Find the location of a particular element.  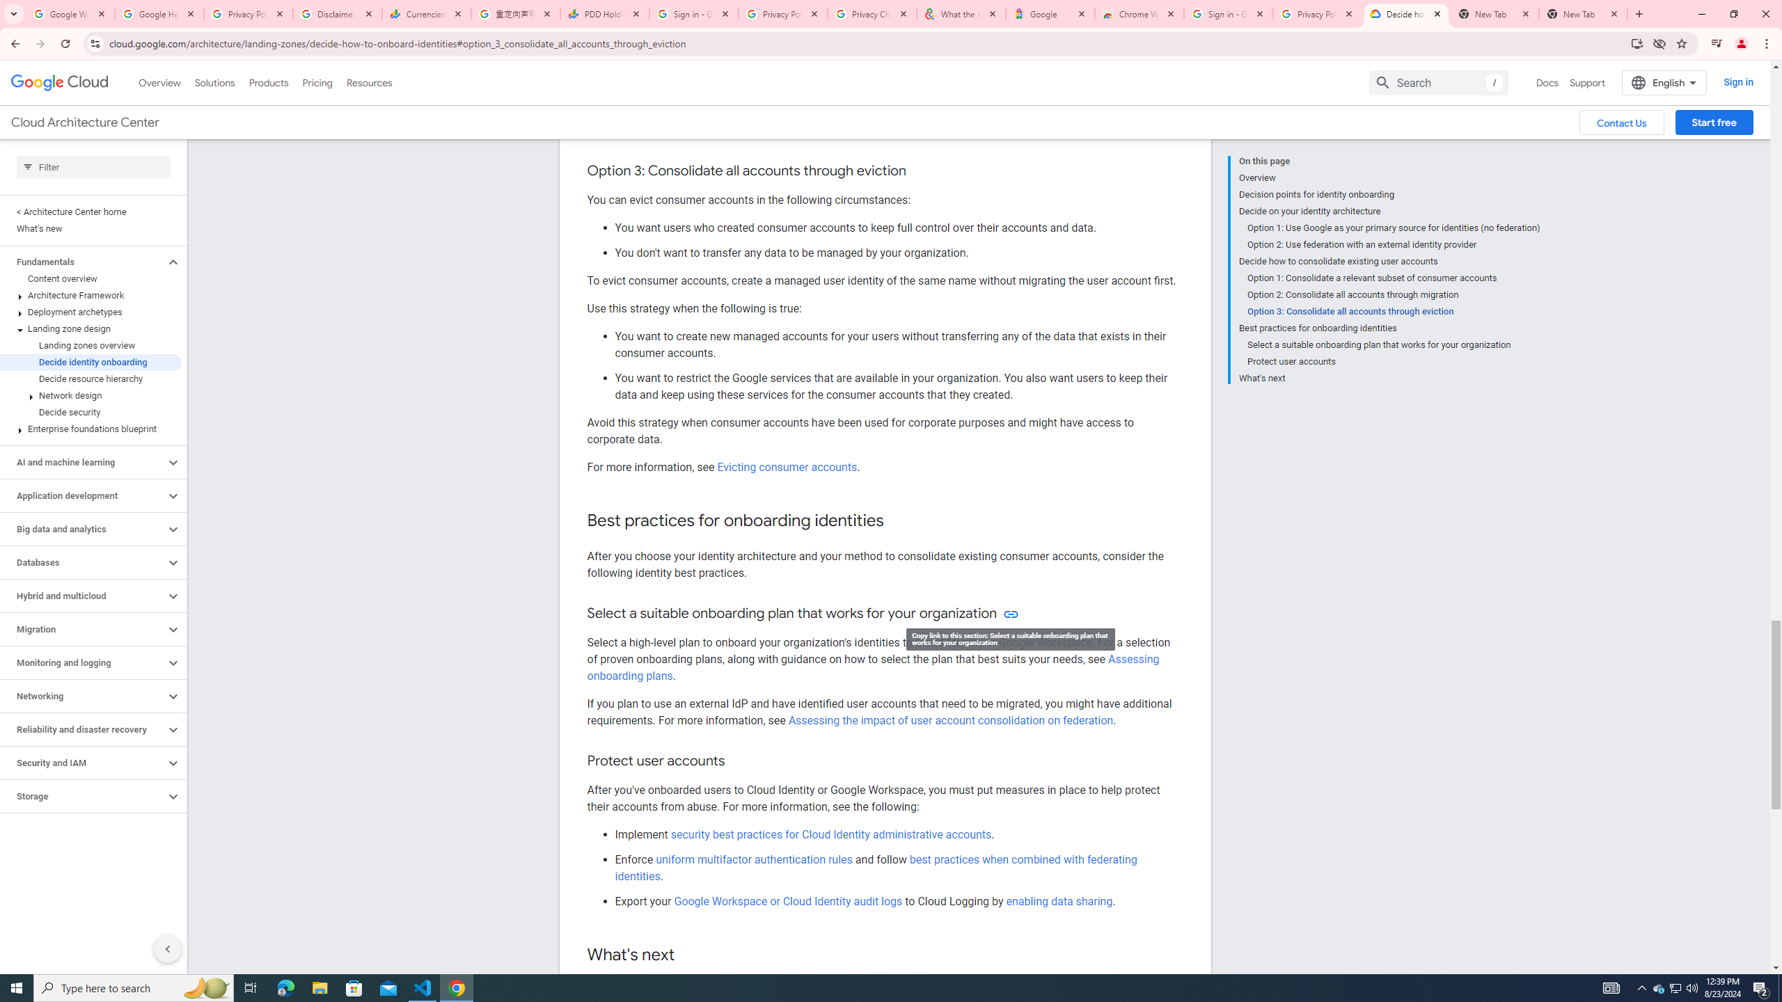

'Option 3: Consolidate all accounts through eviction' is located at coordinates (1393, 311).